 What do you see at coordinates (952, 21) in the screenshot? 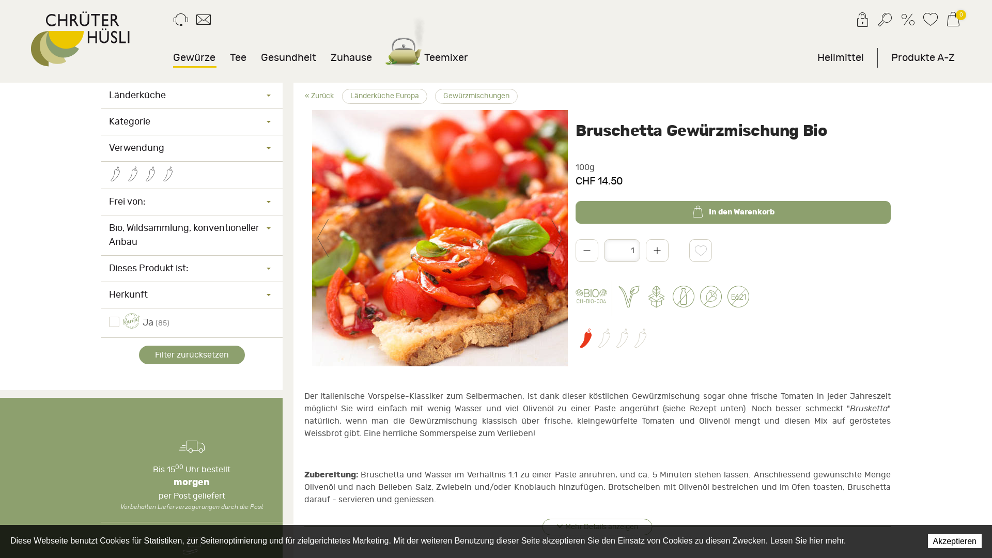
I see `'Warenkorb` at bounding box center [952, 21].